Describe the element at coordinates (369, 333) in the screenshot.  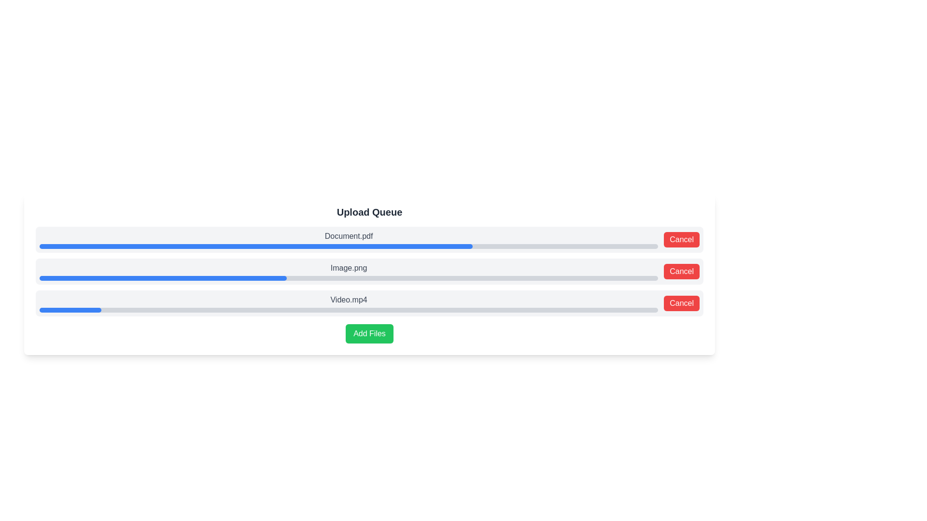
I see `the 'Add Files' button with a green background and white text for accessibility navigation` at that location.